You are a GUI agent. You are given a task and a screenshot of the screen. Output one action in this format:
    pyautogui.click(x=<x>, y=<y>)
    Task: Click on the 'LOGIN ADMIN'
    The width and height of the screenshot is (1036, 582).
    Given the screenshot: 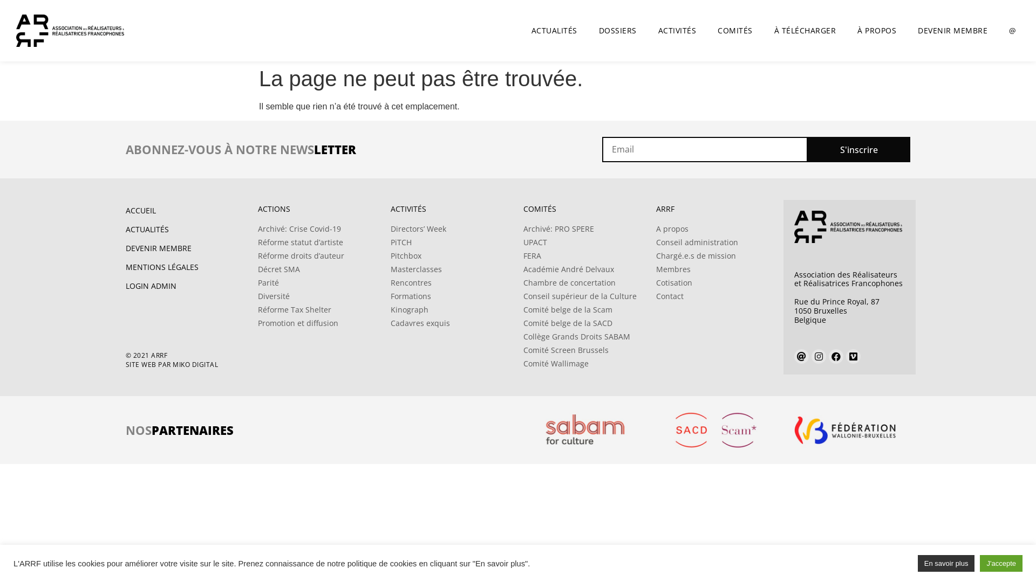 What is the action you would take?
    pyautogui.click(x=186, y=286)
    